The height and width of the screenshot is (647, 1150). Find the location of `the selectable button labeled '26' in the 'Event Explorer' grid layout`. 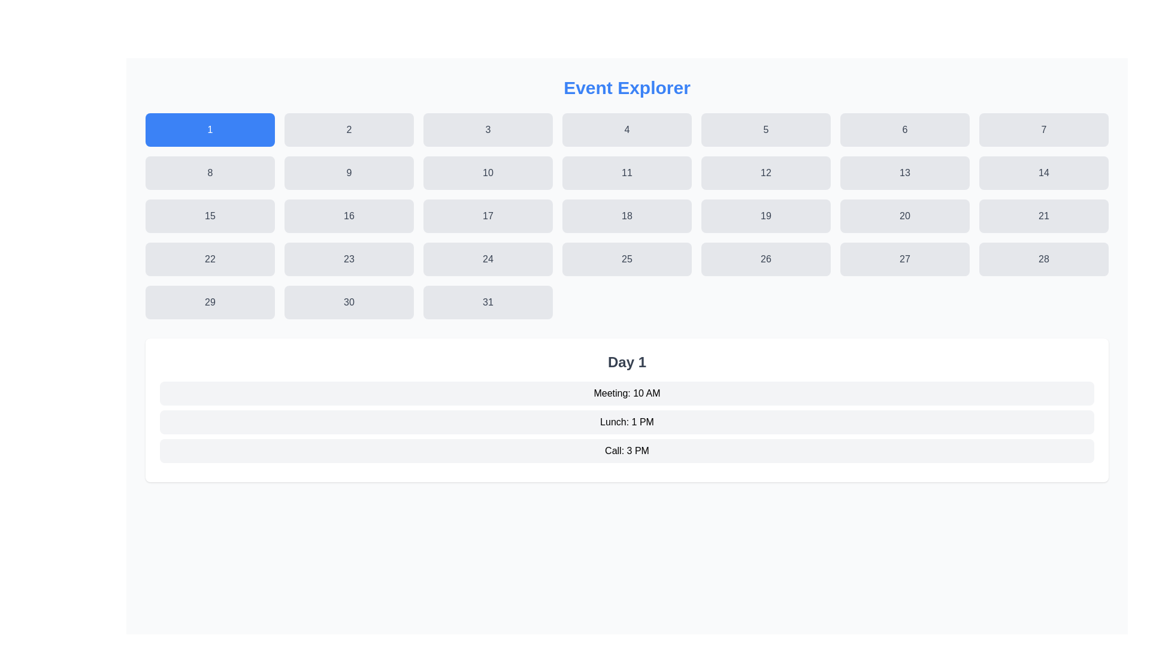

the selectable button labeled '26' in the 'Event Explorer' grid layout is located at coordinates (765, 258).